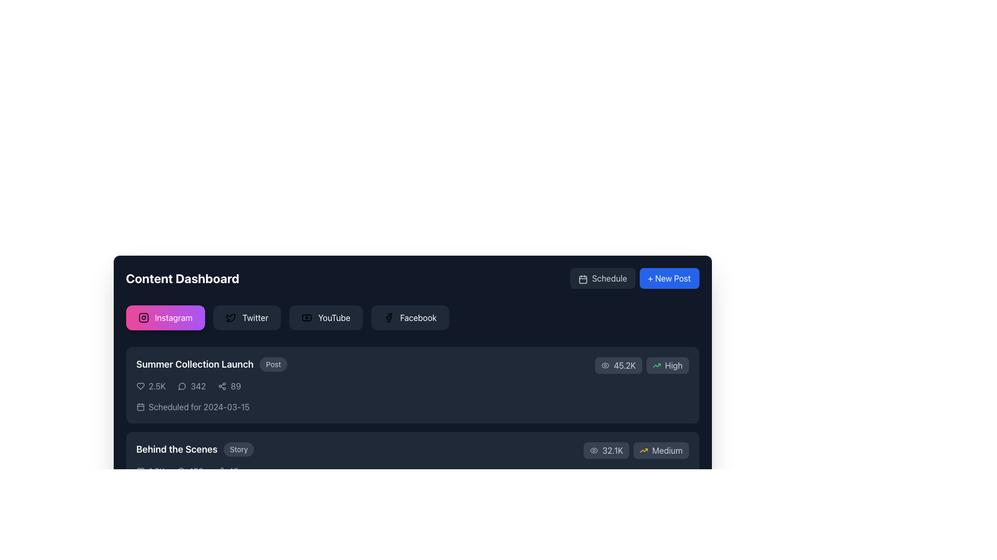  I want to click on the 'Medium' indicator in the Summary card row which is located in the bottom section of the Content Dashboard, to adjust the importance level, so click(412, 459).